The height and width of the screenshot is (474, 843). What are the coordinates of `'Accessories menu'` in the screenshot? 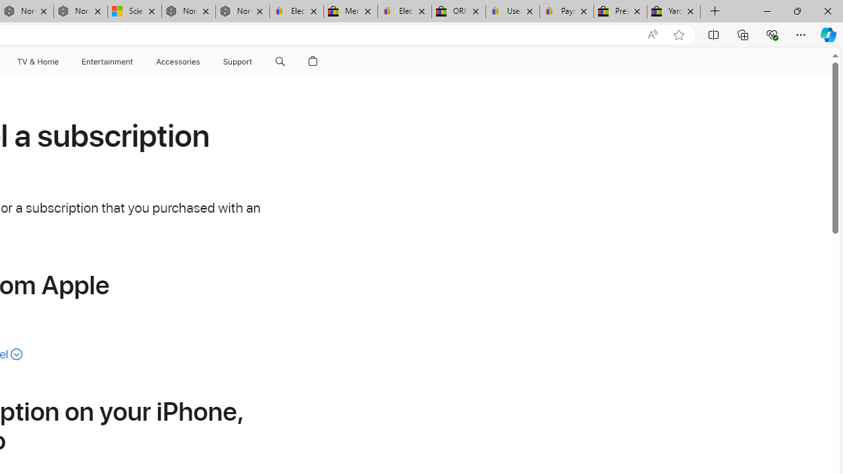 It's located at (202, 61).